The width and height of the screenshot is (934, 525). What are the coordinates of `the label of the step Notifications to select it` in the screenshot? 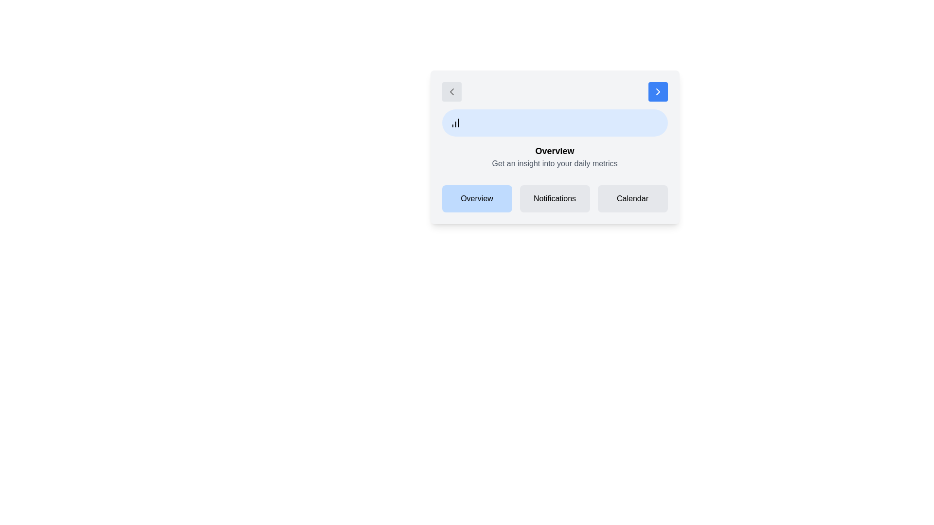 It's located at (555, 198).